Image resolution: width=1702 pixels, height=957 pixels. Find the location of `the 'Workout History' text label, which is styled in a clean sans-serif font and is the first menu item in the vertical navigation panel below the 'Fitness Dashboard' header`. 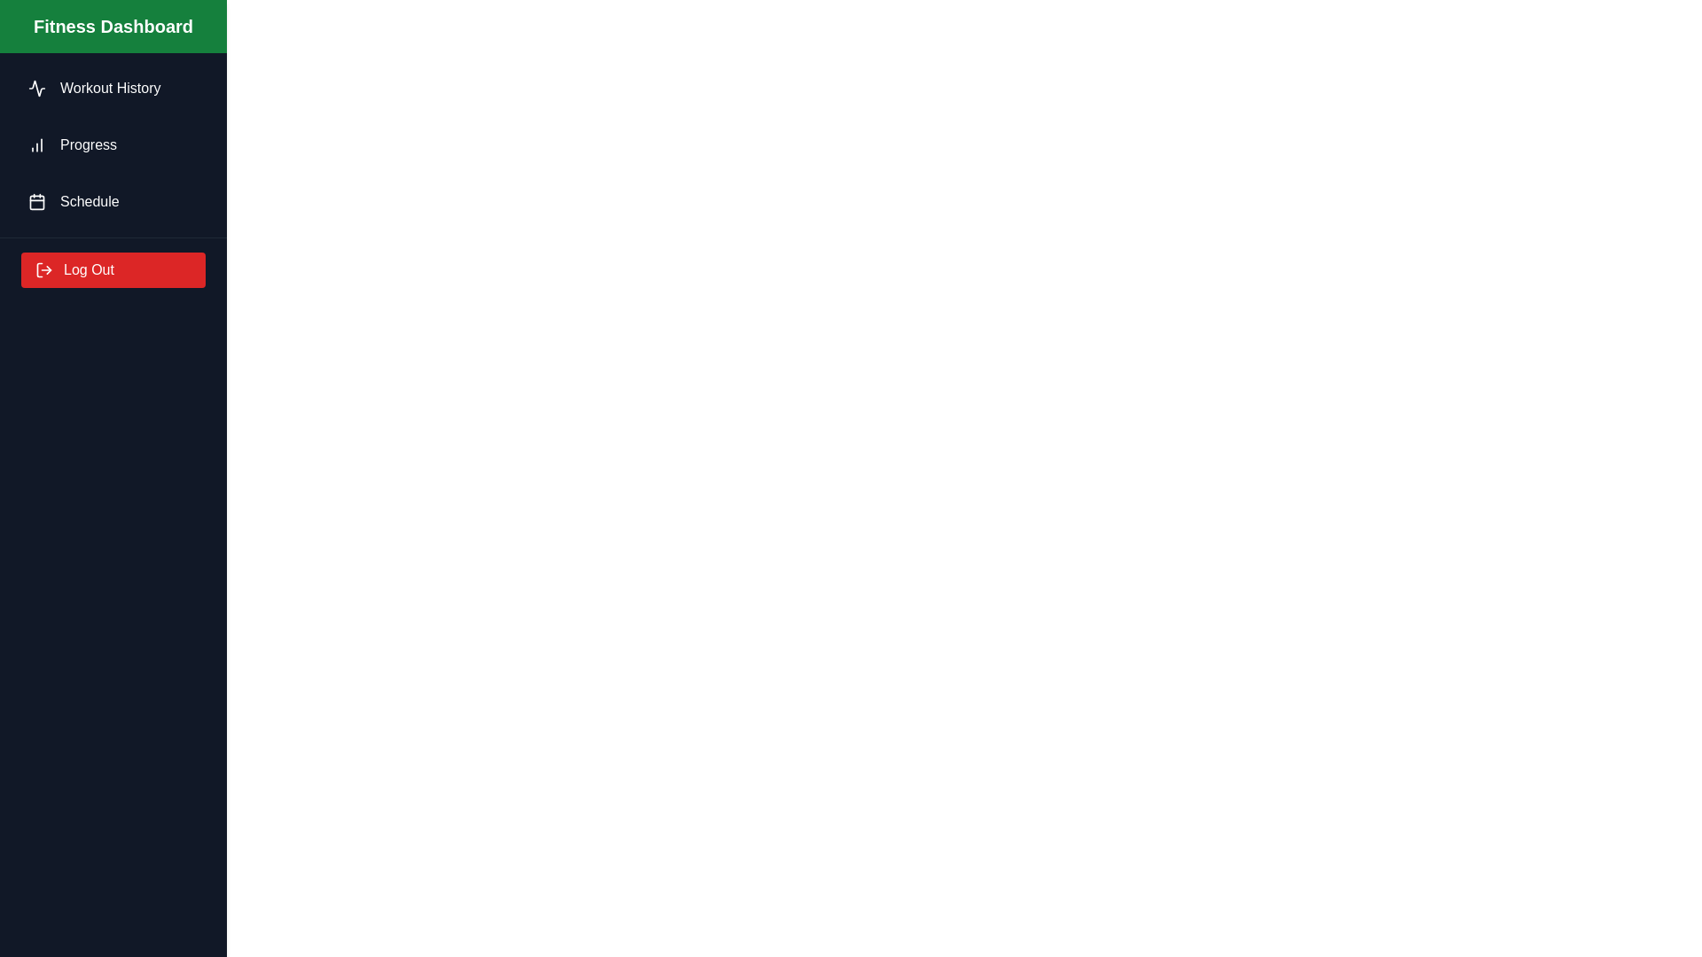

the 'Workout History' text label, which is styled in a clean sans-serif font and is the first menu item in the vertical navigation panel below the 'Fitness Dashboard' header is located at coordinates (109, 89).